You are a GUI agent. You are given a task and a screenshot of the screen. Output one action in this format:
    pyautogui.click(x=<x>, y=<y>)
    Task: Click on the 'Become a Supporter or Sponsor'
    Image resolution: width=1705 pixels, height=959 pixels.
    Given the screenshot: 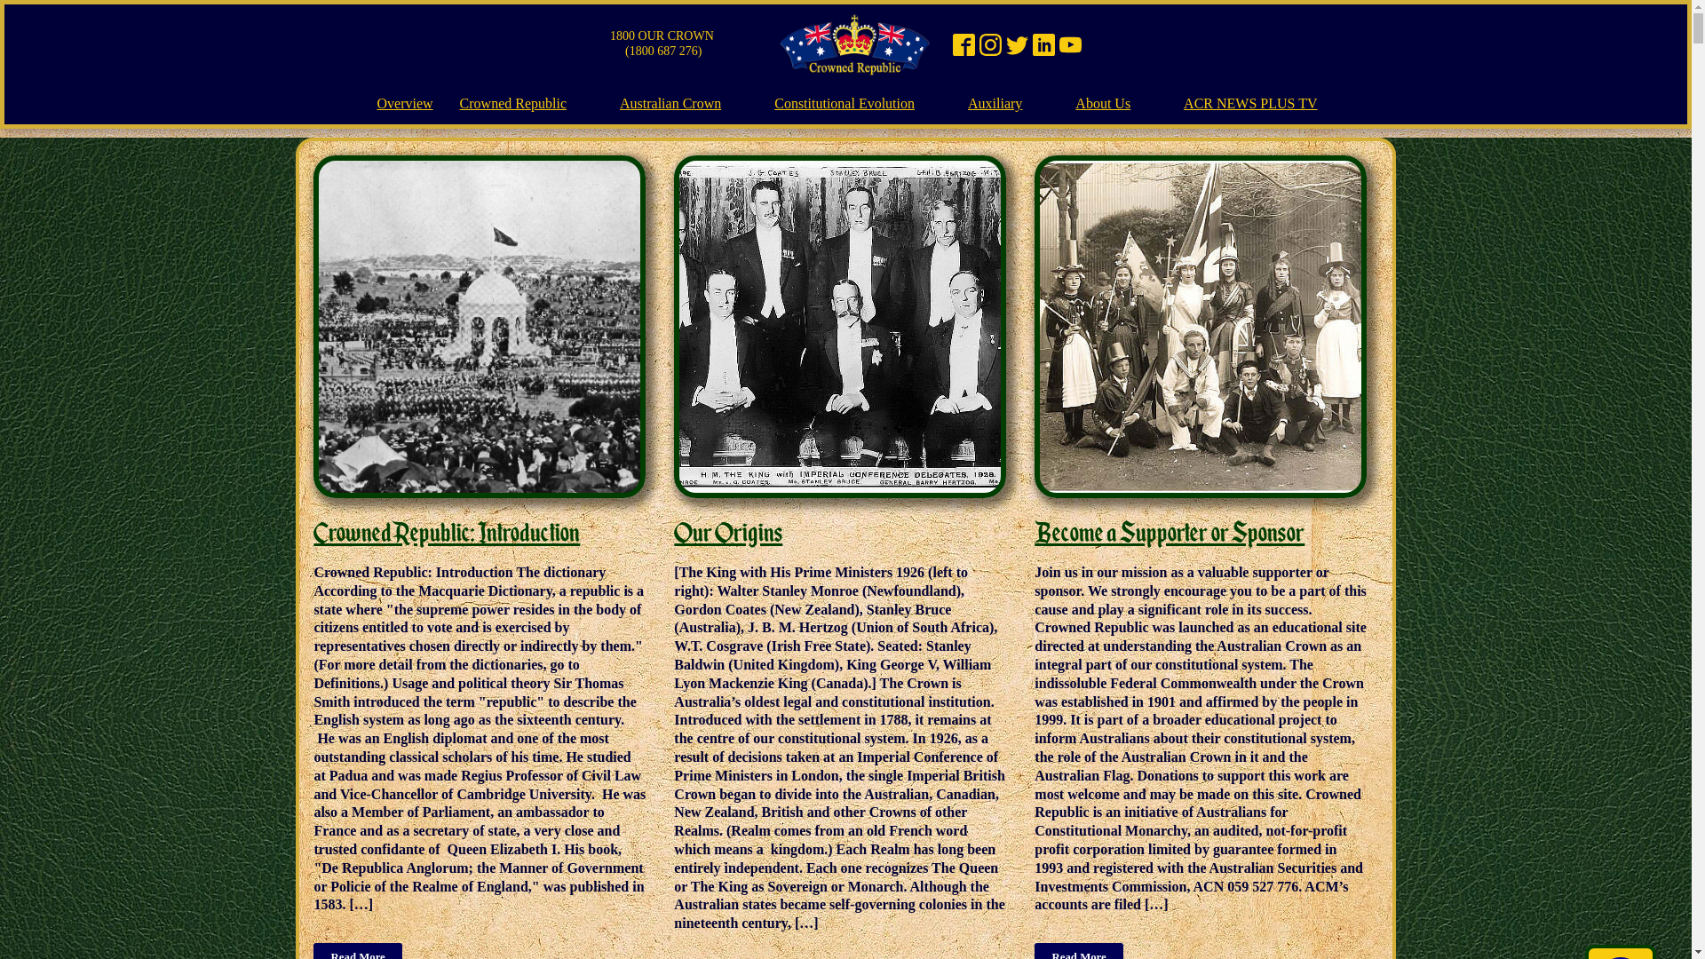 What is the action you would take?
    pyautogui.click(x=1169, y=532)
    